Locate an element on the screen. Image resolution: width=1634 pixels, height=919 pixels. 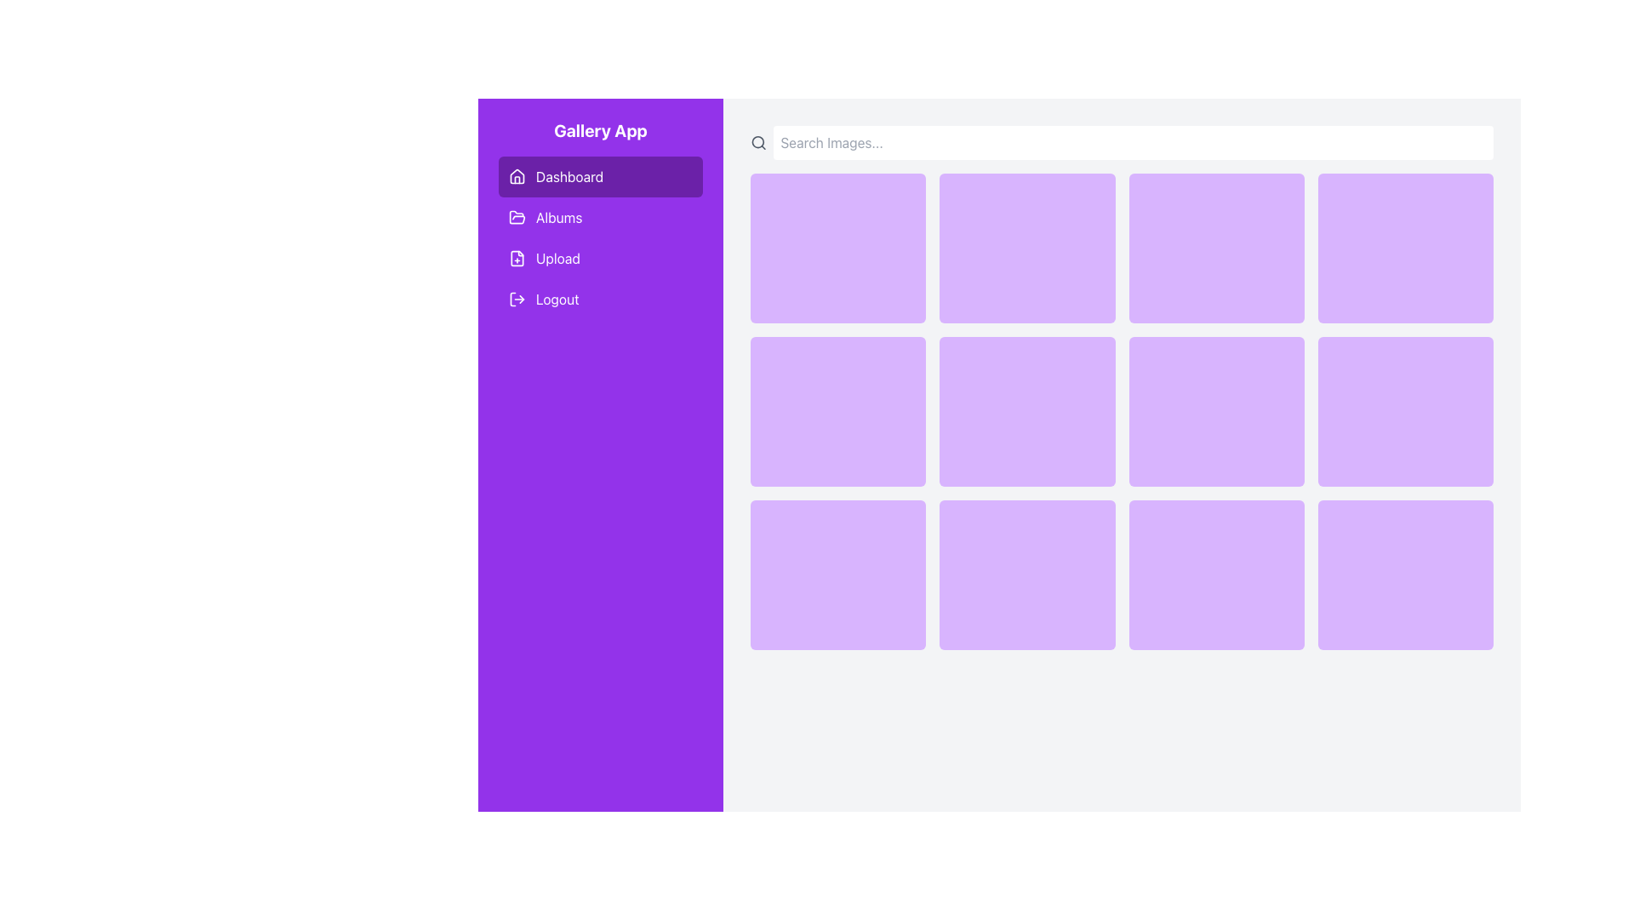
the 'Albums' navigation link located second from the top in the vertical list of menu entries in the navigation bar on the left side of the interface is located at coordinates (600, 238).